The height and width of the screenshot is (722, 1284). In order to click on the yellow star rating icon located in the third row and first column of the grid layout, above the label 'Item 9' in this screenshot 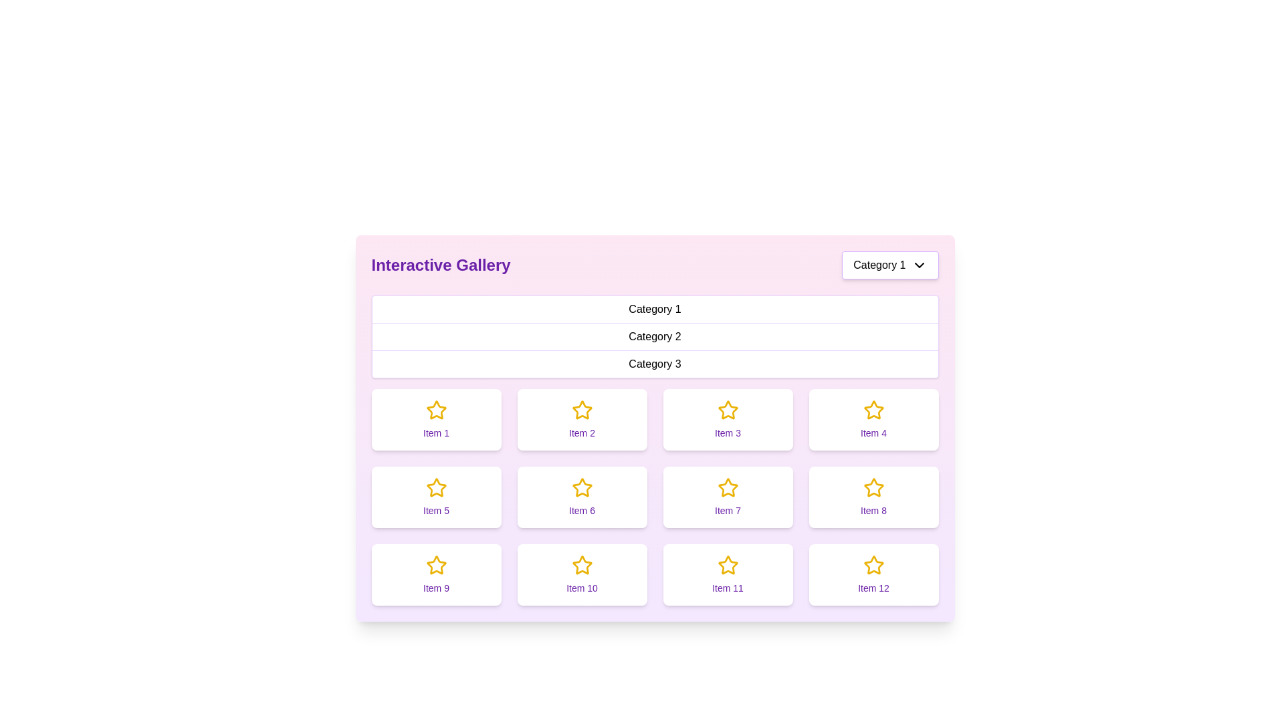, I will do `click(436, 565)`.